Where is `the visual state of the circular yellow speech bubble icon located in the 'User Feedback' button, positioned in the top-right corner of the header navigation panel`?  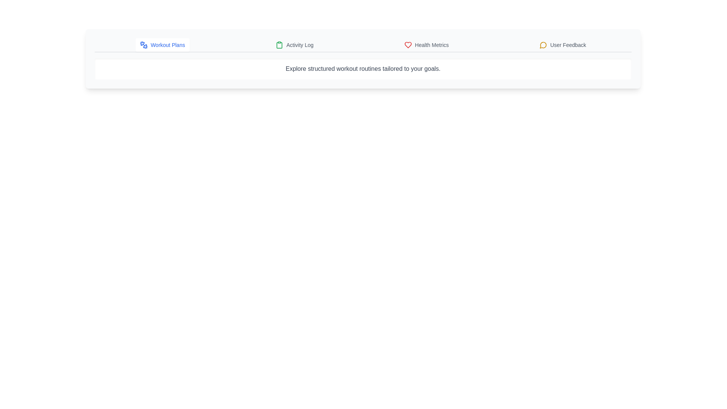
the visual state of the circular yellow speech bubble icon located in the 'User Feedback' button, positioned in the top-right corner of the header navigation panel is located at coordinates (543, 45).